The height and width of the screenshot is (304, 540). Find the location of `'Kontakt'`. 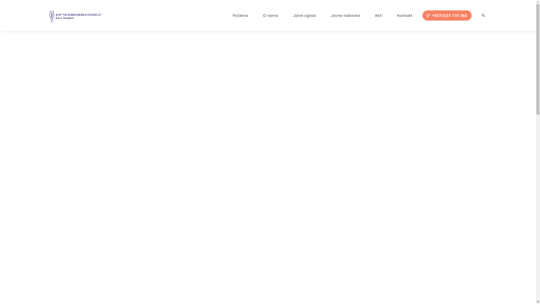

'Kontakt' is located at coordinates (404, 15).